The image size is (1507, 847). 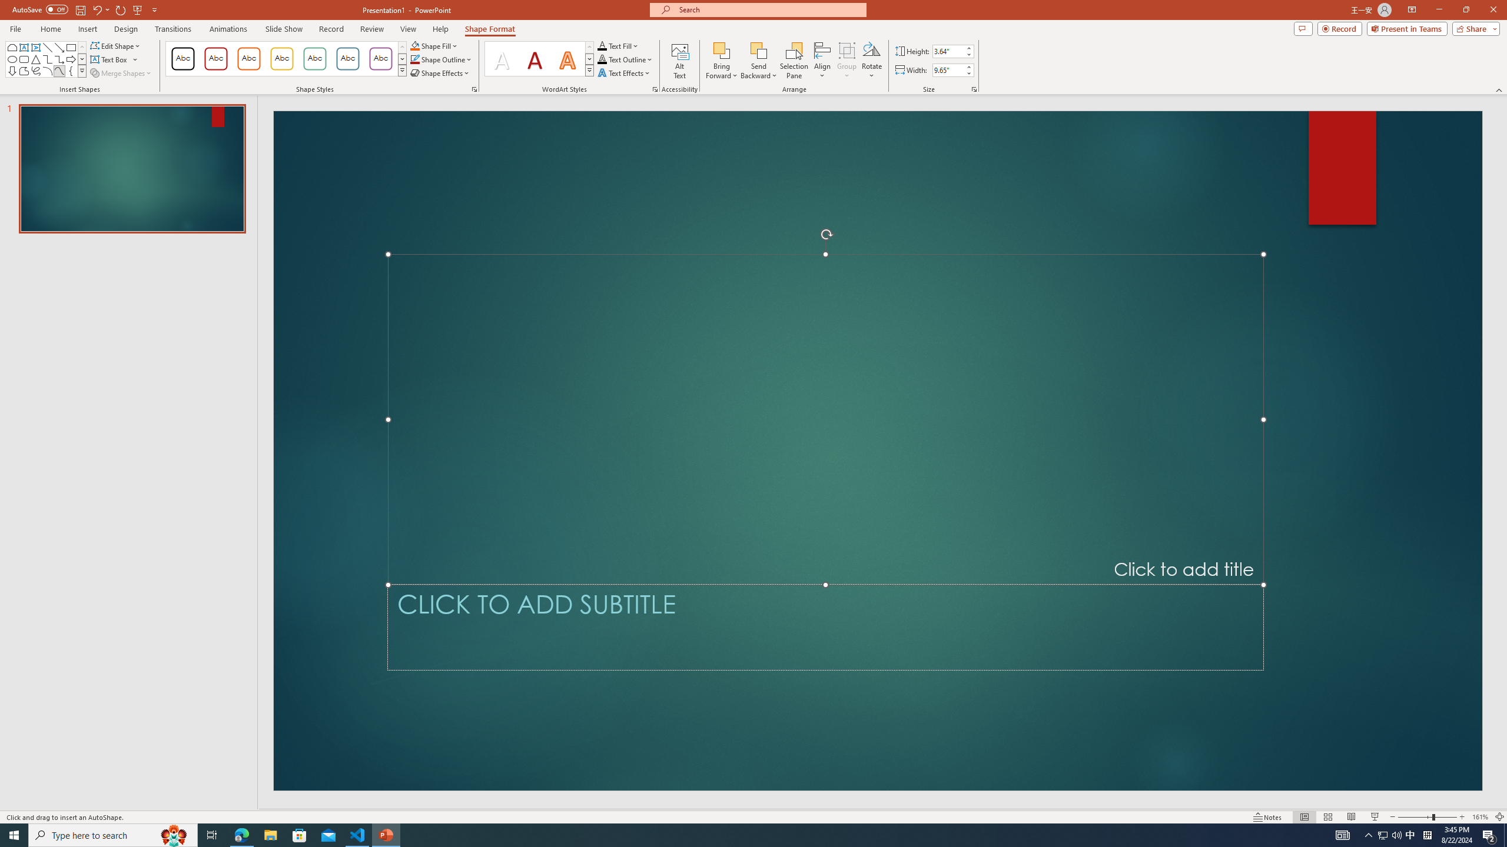 What do you see at coordinates (24, 58) in the screenshot?
I see `'Rectangle: Rounded Corners'` at bounding box center [24, 58].